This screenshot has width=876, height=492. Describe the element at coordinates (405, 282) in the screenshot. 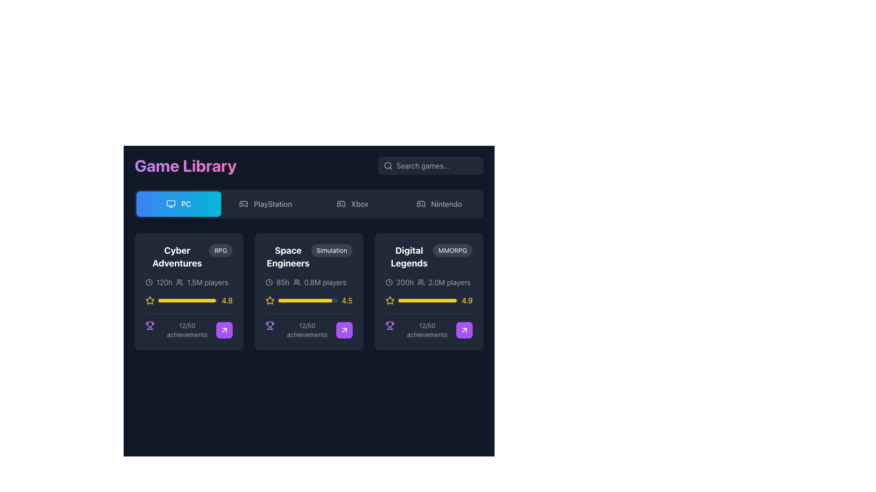

I see `the text-based label displaying '200h' in a sans-serif font, which is styled in light gray, located in the upper-middle part of the 'Digital Legends' card` at that location.